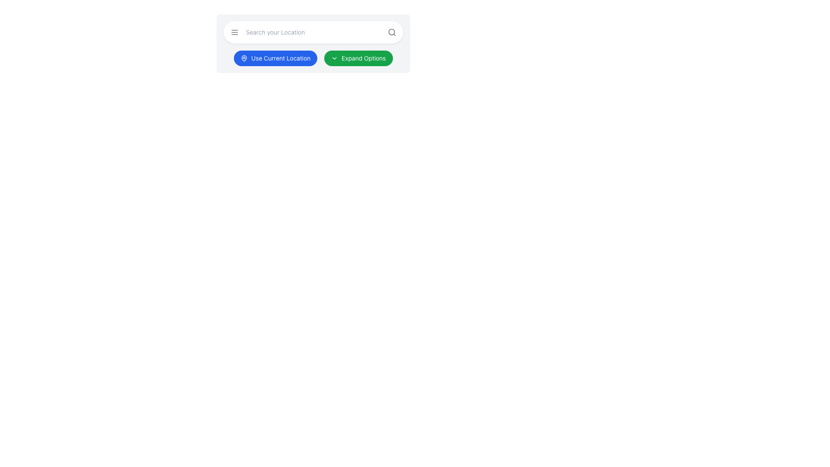 The image size is (830, 467). I want to click on the 'Use Current Location' button that contains the pin-like shape icon on its leftmost part, so click(244, 58).